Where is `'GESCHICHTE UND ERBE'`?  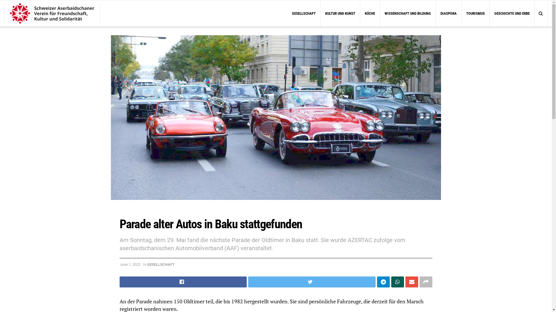 'GESCHICHTE UND ERBE' is located at coordinates (512, 13).